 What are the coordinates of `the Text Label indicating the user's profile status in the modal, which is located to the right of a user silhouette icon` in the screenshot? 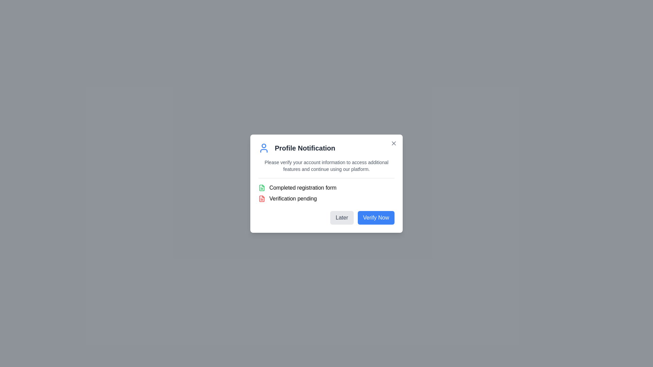 It's located at (304, 147).